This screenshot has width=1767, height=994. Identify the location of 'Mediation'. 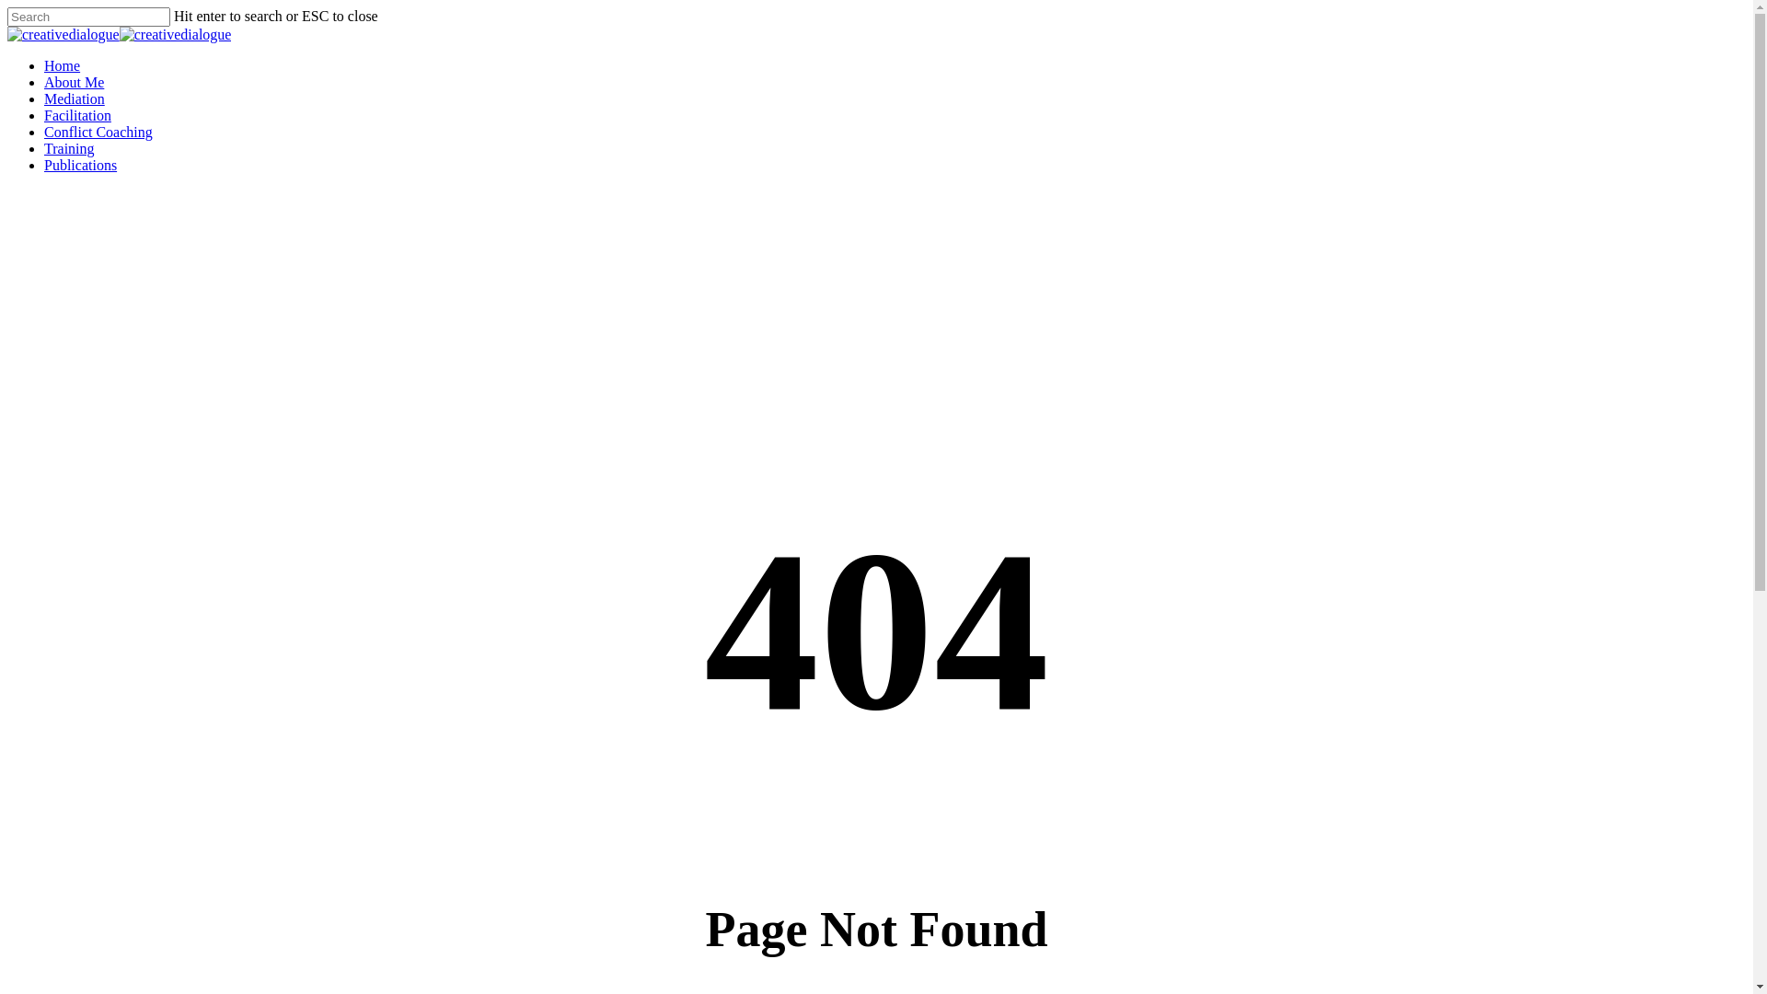
(44, 98).